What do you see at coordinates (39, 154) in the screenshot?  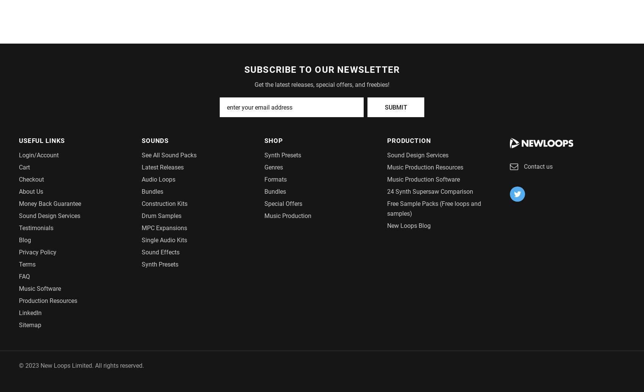 I see `'Login/Account'` at bounding box center [39, 154].